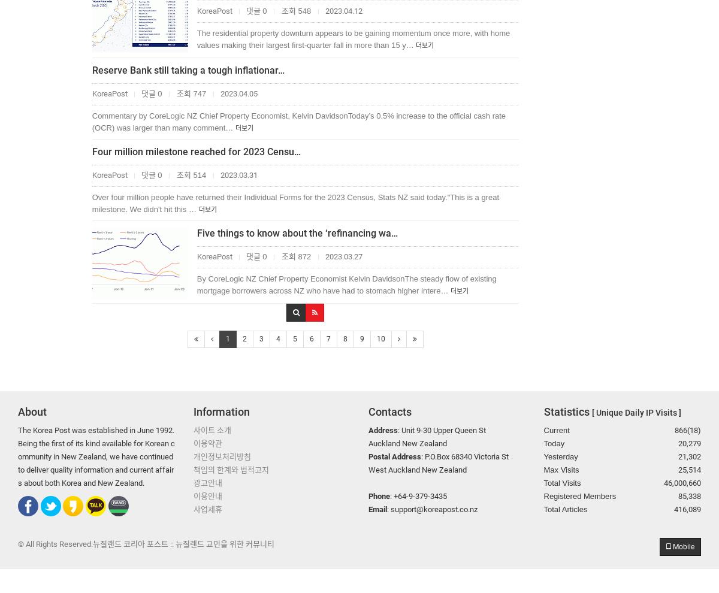 The image size is (719, 593). I want to click on '2023.03.27', so click(342, 256).